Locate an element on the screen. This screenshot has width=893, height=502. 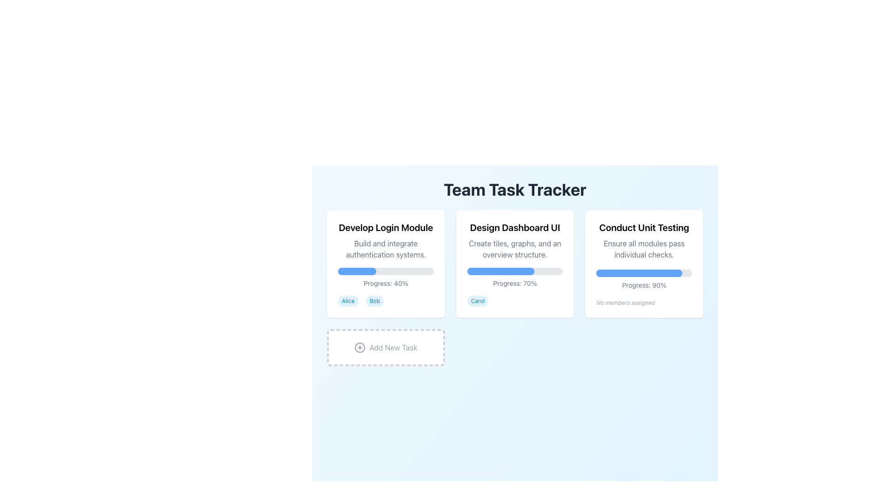
the text label displaying 'Progress: 90%' which is positioned below the progress bar in the 'Conduct Unit Testing' task card is located at coordinates (644, 284).